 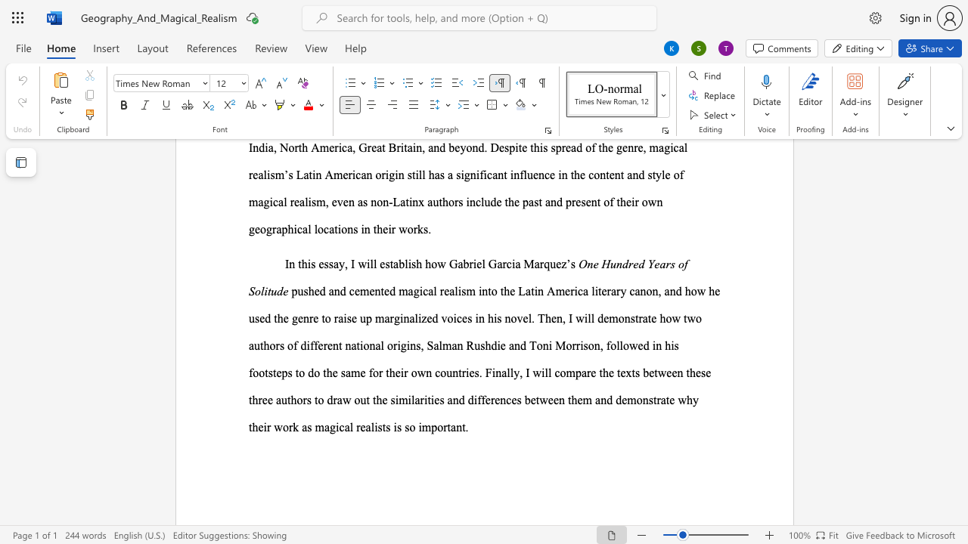 What do you see at coordinates (544, 345) in the screenshot?
I see `the 7th character "n" in the text` at bounding box center [544, 345].